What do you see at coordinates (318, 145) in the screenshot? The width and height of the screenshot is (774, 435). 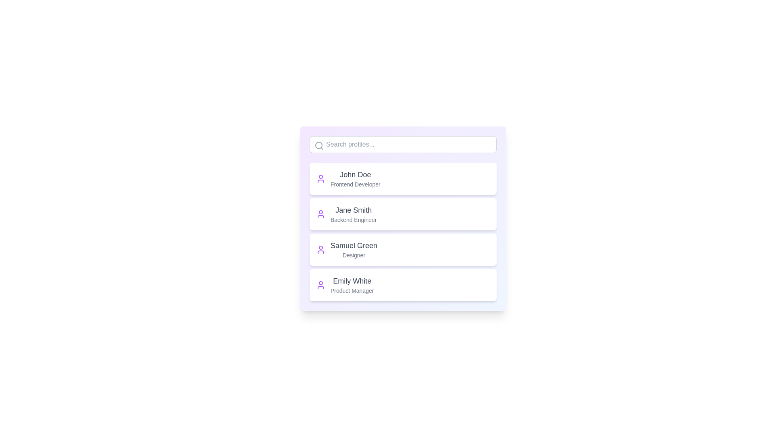 I see `the SVG Circle Component that visually enhances the search icon in the top left corner of the search bar` at bounding box center [318, 145].